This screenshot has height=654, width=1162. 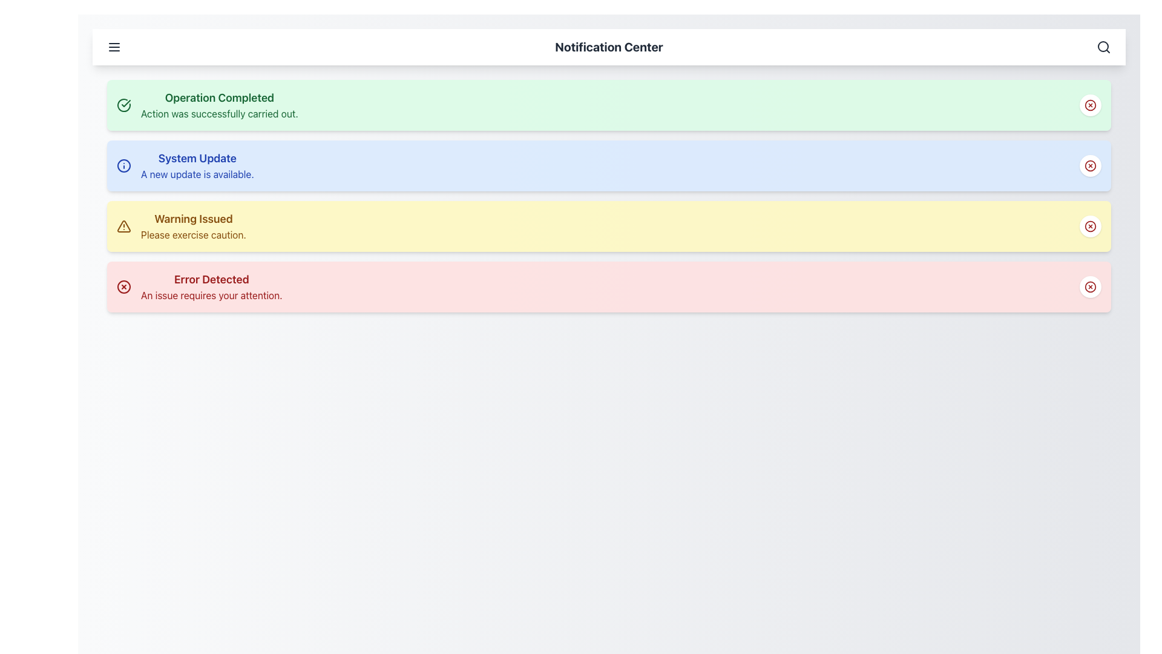 I want to click on the circular outline of the checkmark icon located to the left of the 'Operation Completed' notification box, so click(x=124, y=104).